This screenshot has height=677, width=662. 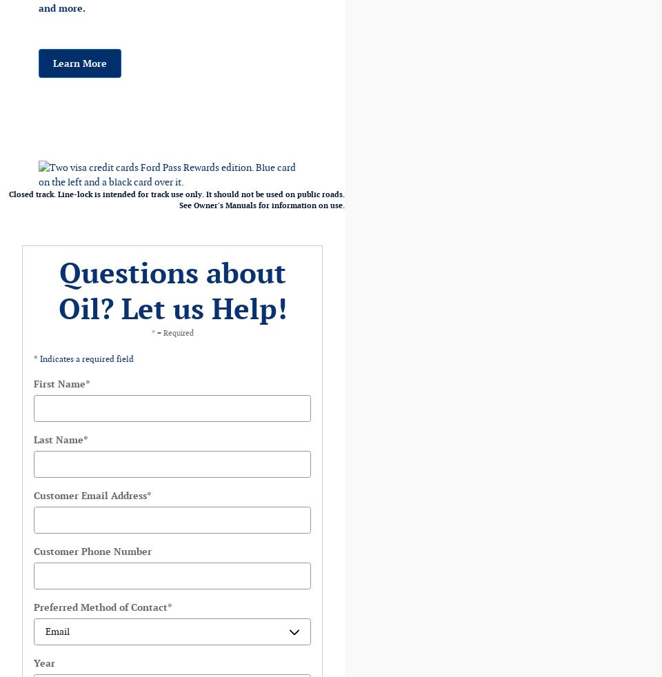 I want to click on 'Customer Email Address', so click(x=32, y=495).